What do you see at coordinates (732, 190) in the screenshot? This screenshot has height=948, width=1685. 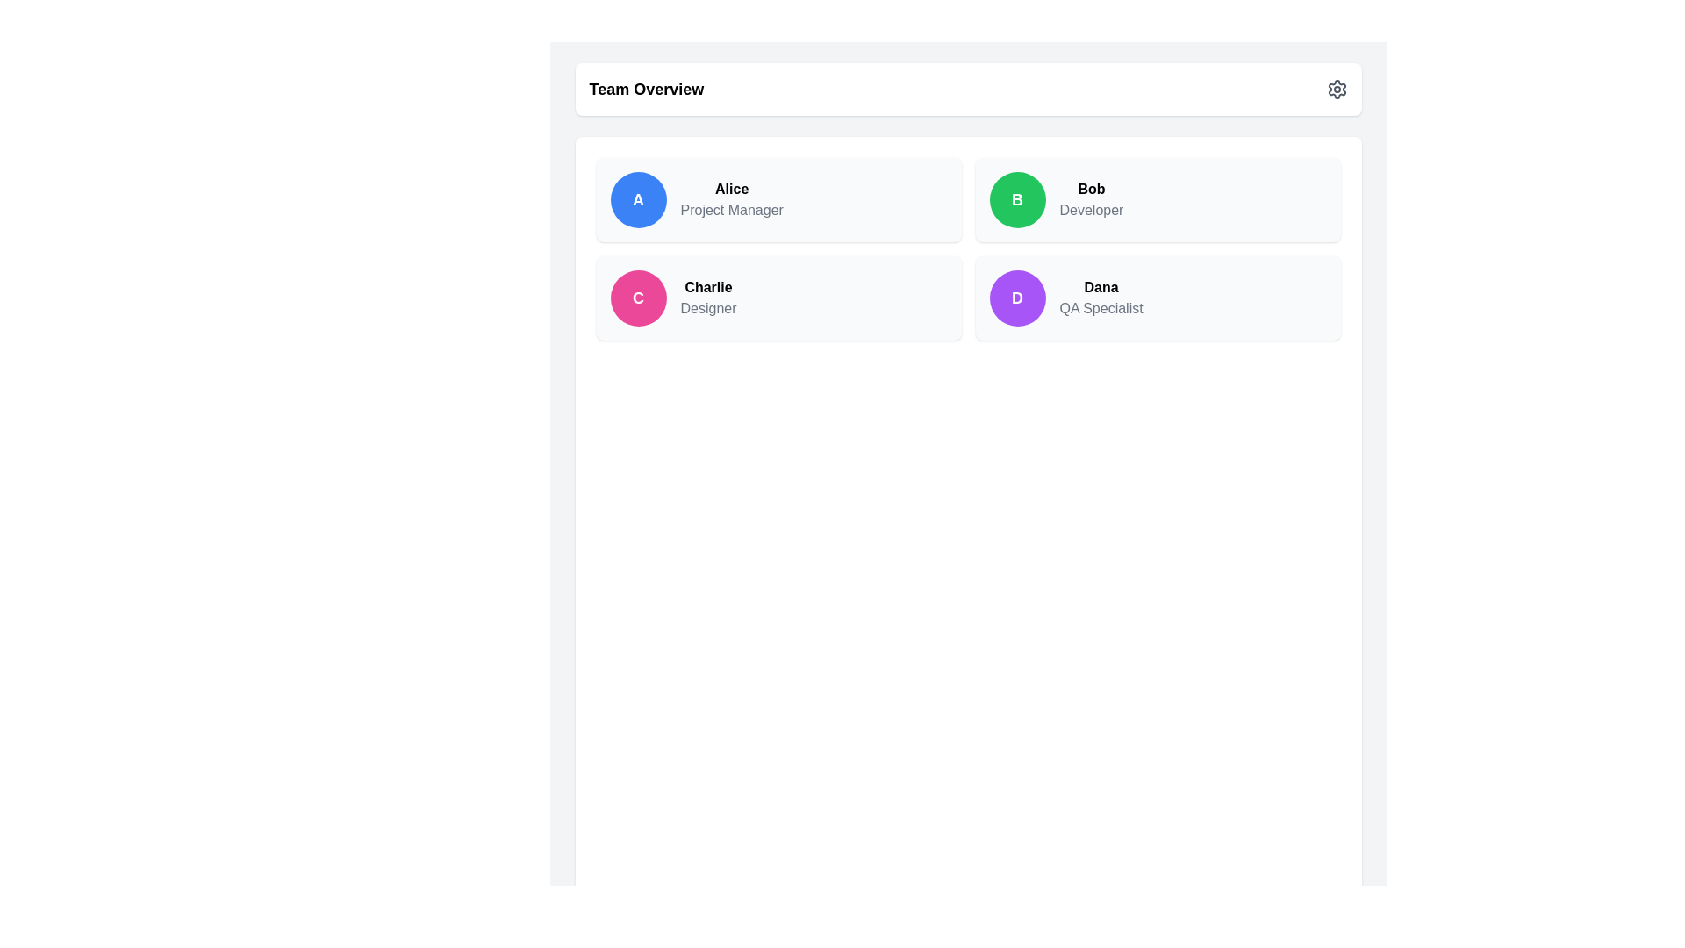 I see `the text label displaying 'Alice', which is styled in bold and positioned above the role 'Project Manager' within the top-left user card` at bounding box center [732, 190].